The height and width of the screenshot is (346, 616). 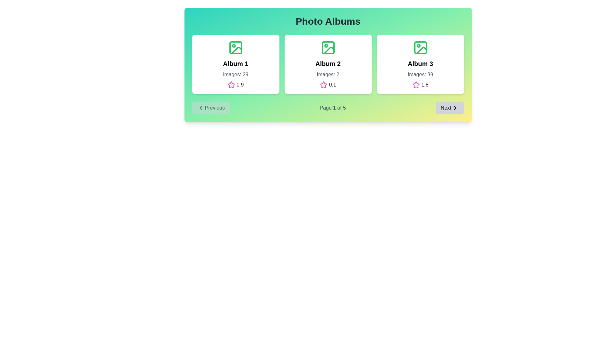 What do you see at coordinates (333, 107) in the screenshot?
I see `the Text Label that indicates the current page number and total pages in the pagination system, located at the bottom of the card layout between the 'Previous' and 'Next' buttons` at bounding box center [333, 107].